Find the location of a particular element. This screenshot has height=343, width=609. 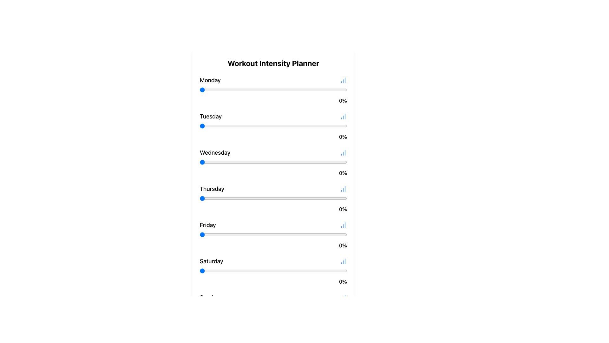

the Tuesday intensity level is located at coordinates (202, 126).